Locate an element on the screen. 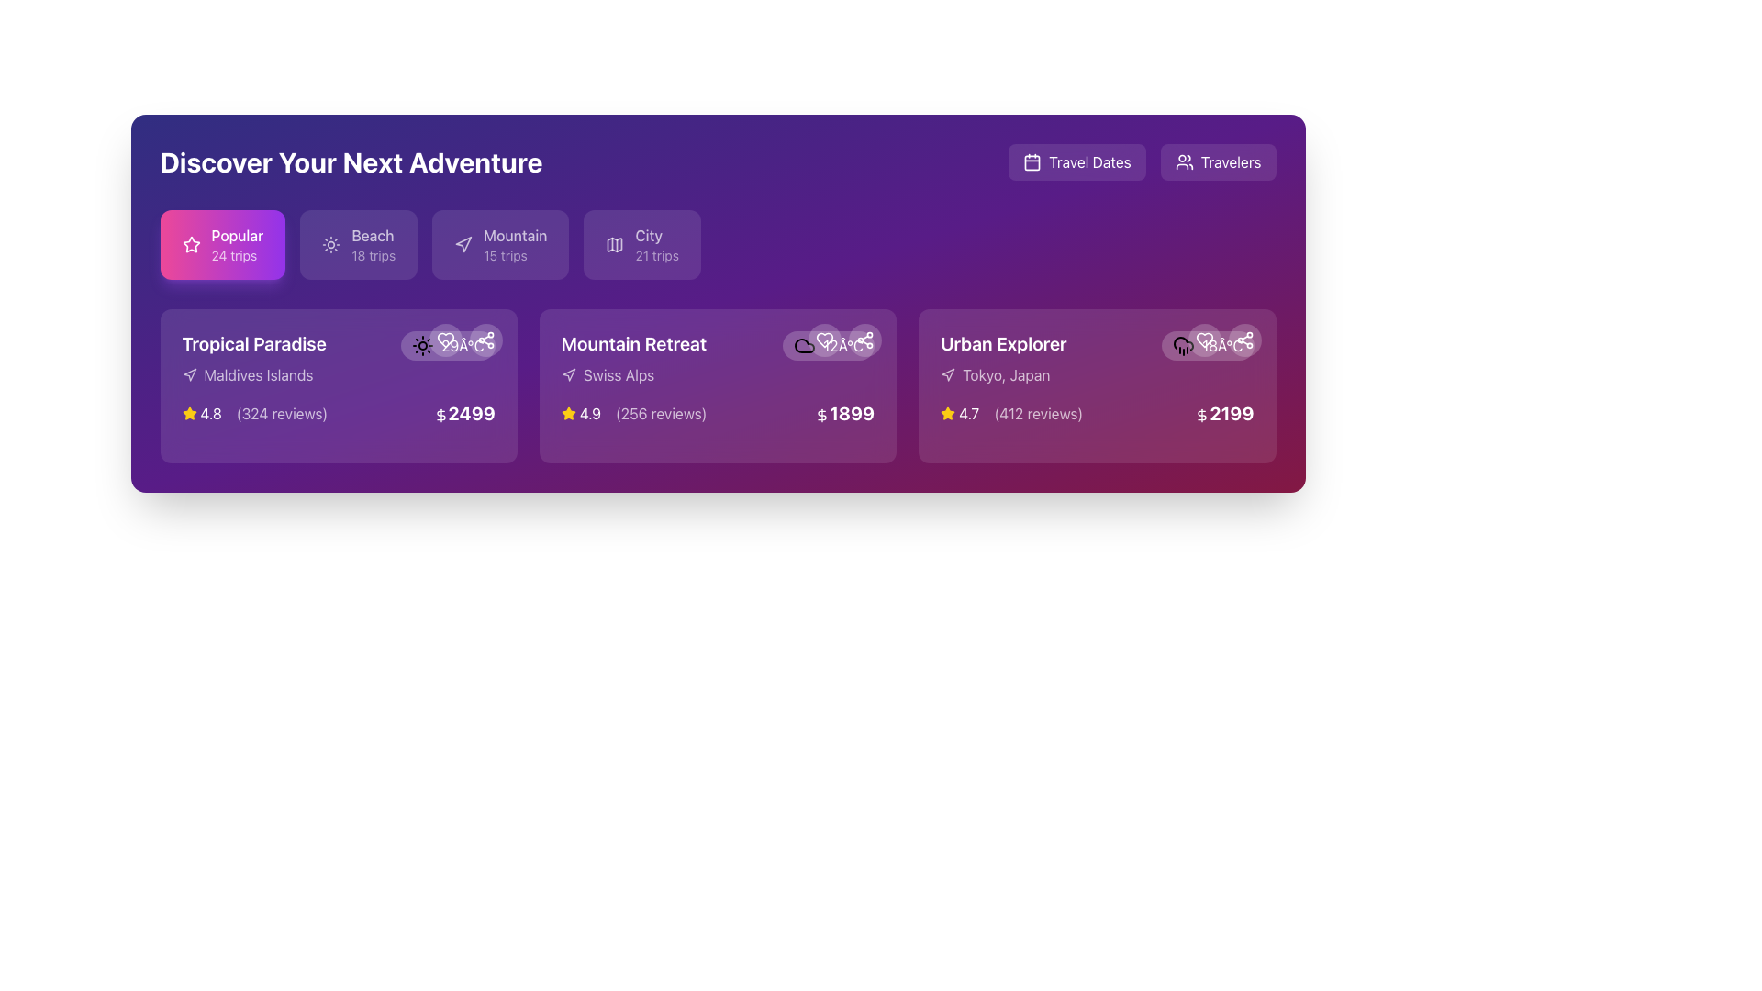  the favorite status icon located to the left of the 'Popular' label in the 'Tropical Paradise' card is located at coordinates (191, 243).